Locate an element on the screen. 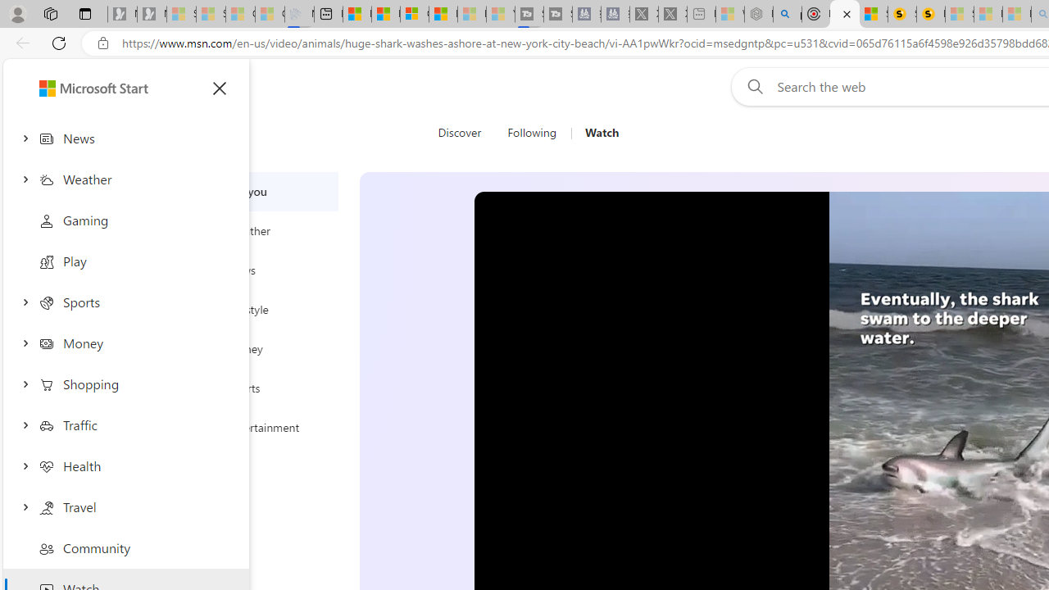 The height and width of the screenshot is (590, 1049). 'Watch' is located at coordinates (595, 133).